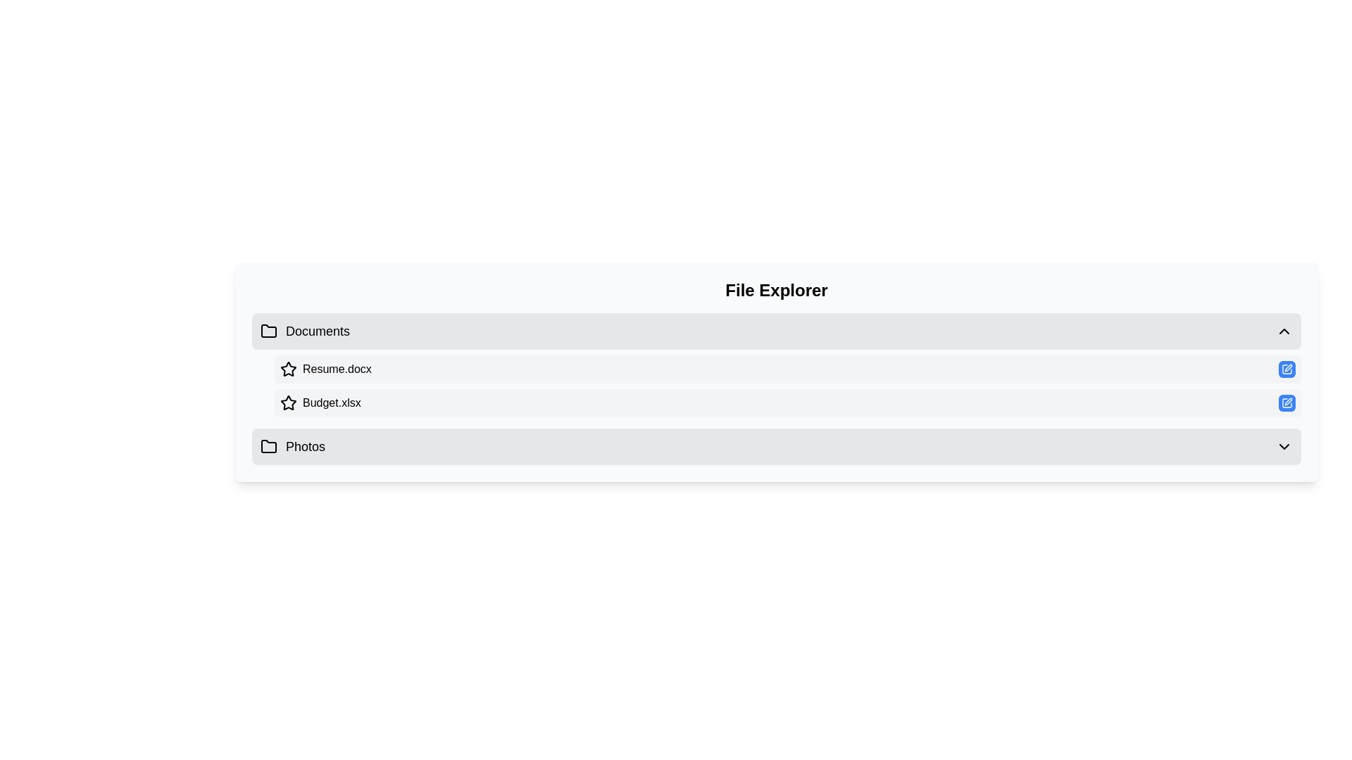 Image resolution: width=1352 pixels, height=760 pixels. What do you see at coordinates (269, 447) in the screenshot?
I see `the folder icon representing the 'Photos' folder in the file explorer interface, located to the left of the 'Photos' label` at bounding box center [269, 447].